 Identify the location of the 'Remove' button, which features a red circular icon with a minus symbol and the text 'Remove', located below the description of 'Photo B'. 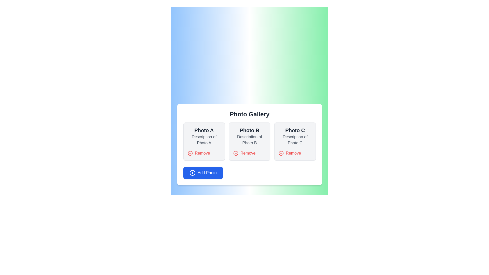
(244, 153).